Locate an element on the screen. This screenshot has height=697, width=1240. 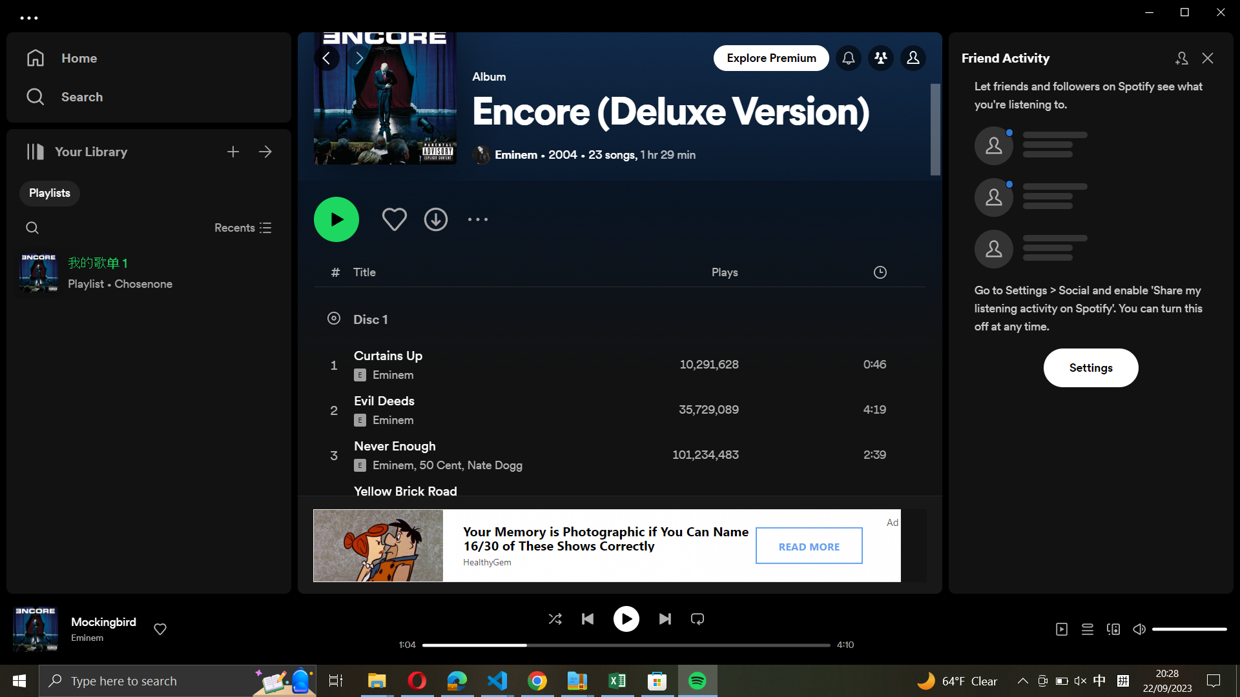
Expand additional settings in the playlist is located at coordinates (477, 217).